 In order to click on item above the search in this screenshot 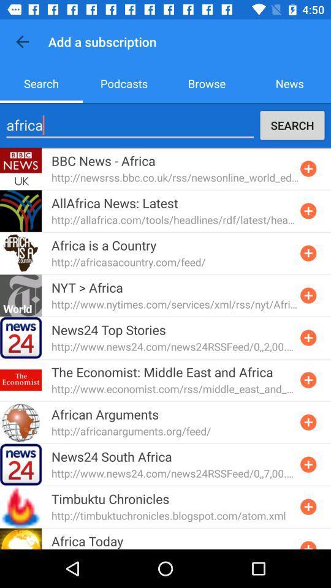, I will do `click(22, 42)`.